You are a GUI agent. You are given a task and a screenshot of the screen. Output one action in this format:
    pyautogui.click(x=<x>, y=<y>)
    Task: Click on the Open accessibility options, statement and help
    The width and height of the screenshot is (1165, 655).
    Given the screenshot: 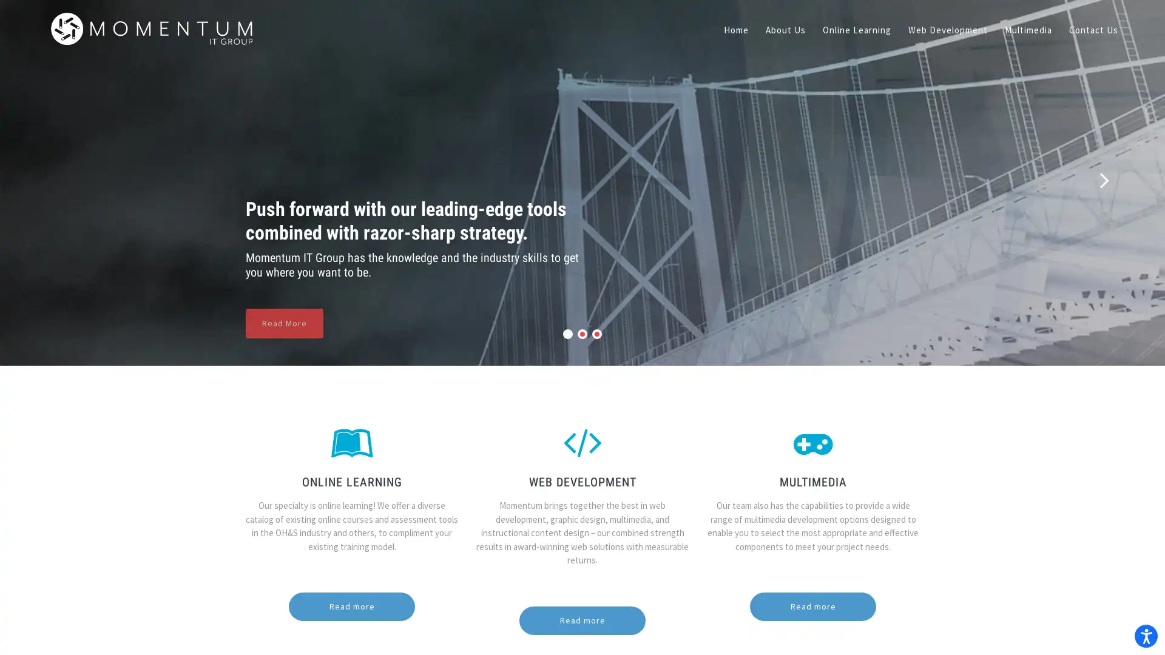 What is the action you would take?
    pyautogui.click(x=1138, y=628)
    